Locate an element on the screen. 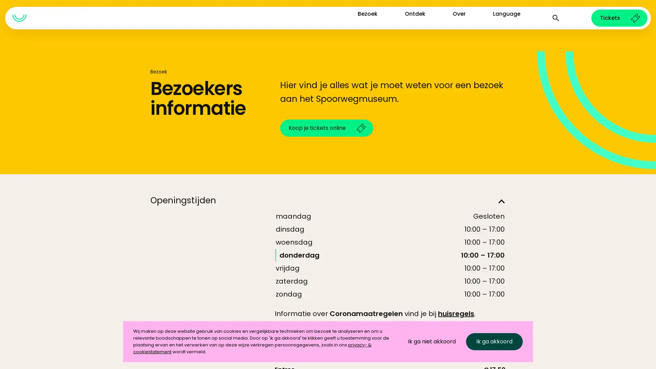 The height and width of the screenshot is (369, 656). Toegangsprijzen is located at coordinates (328, 354).